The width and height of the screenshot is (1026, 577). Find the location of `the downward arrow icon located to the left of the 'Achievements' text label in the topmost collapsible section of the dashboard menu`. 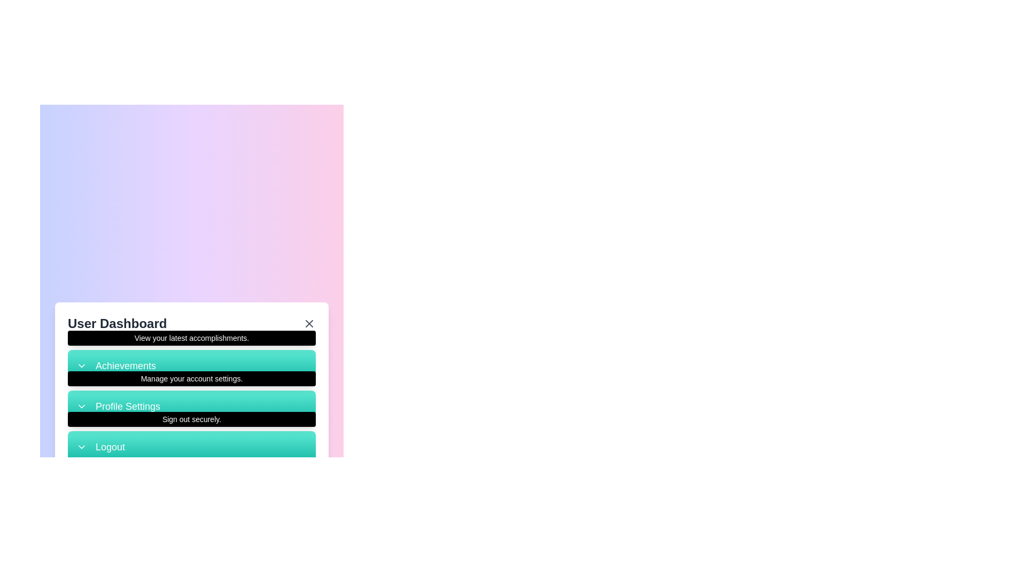

the downward arrow icon located to the left of the 'Achievements' text label in the topmost collapsible section of the dashboard menu is located at coordinates (81, 365).